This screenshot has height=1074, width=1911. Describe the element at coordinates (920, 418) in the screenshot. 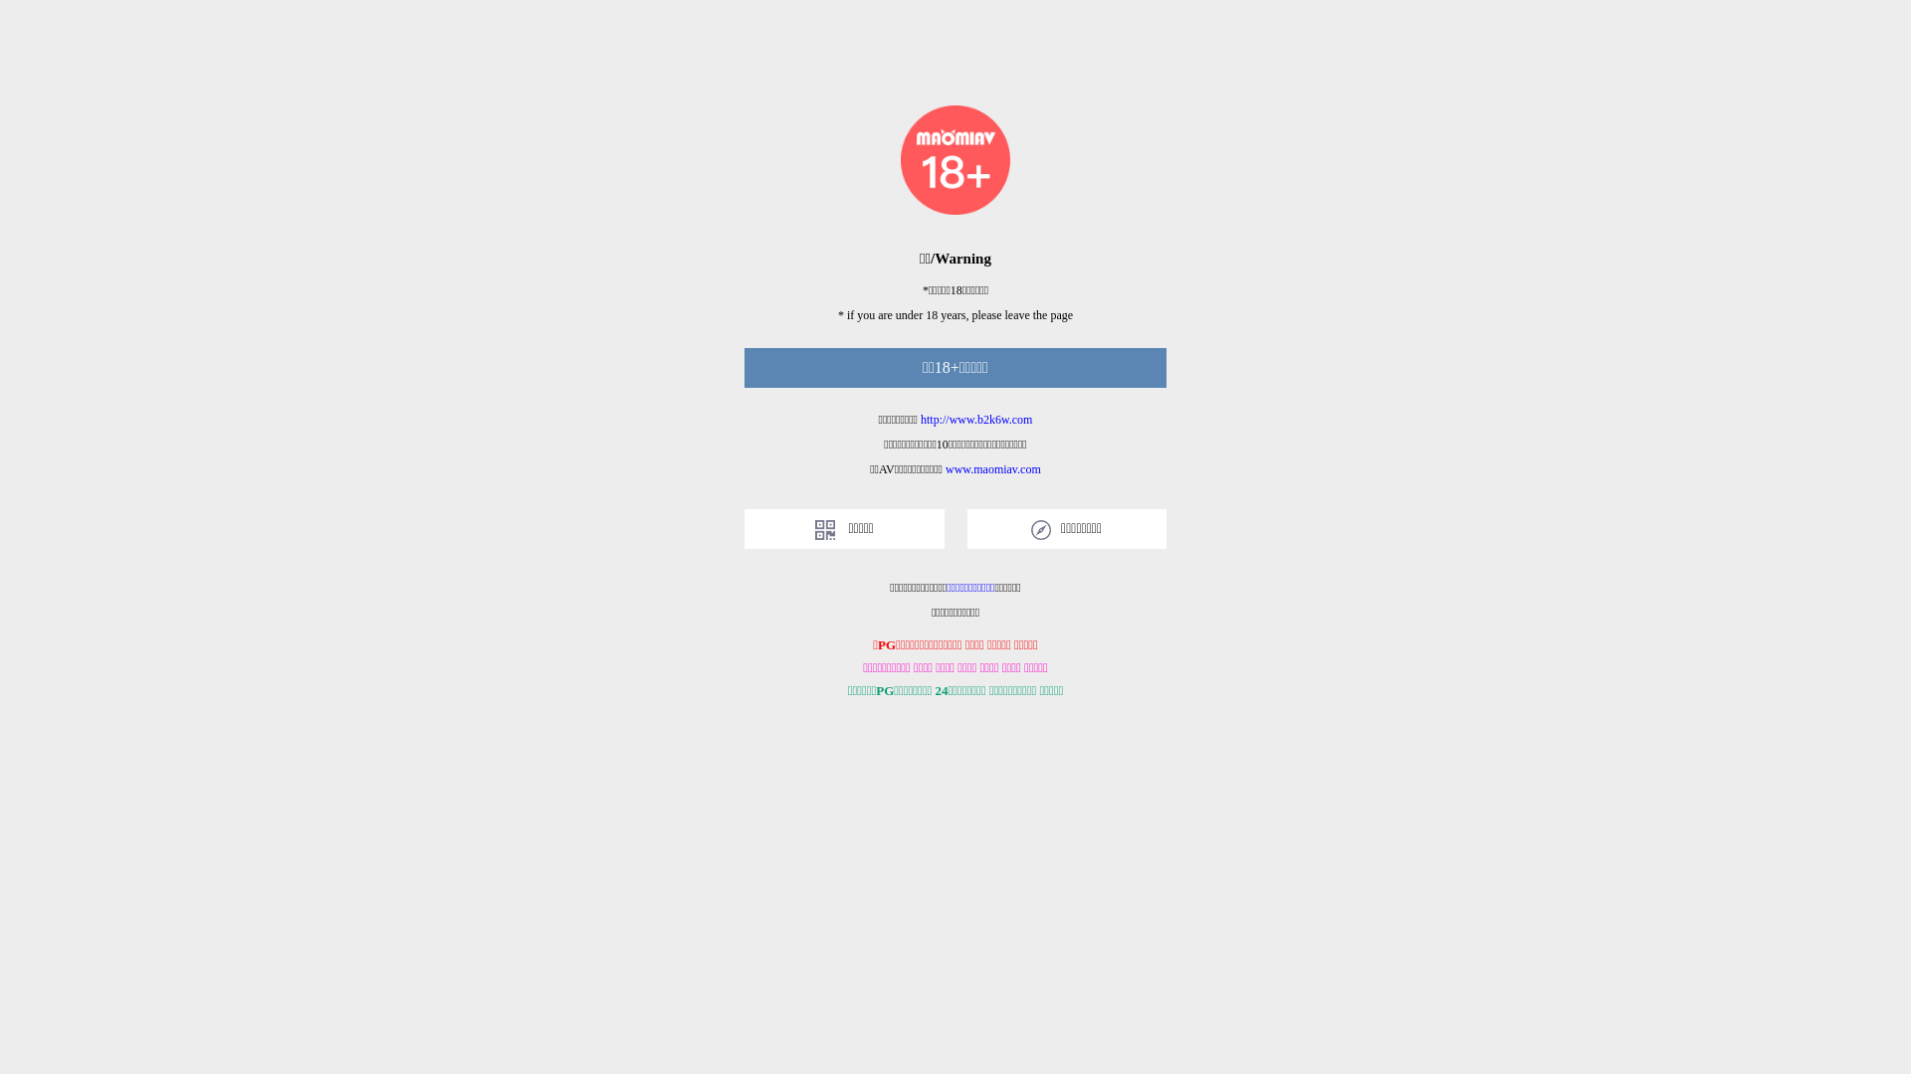

I see `'http://www.b2k6w.com'` at that location.